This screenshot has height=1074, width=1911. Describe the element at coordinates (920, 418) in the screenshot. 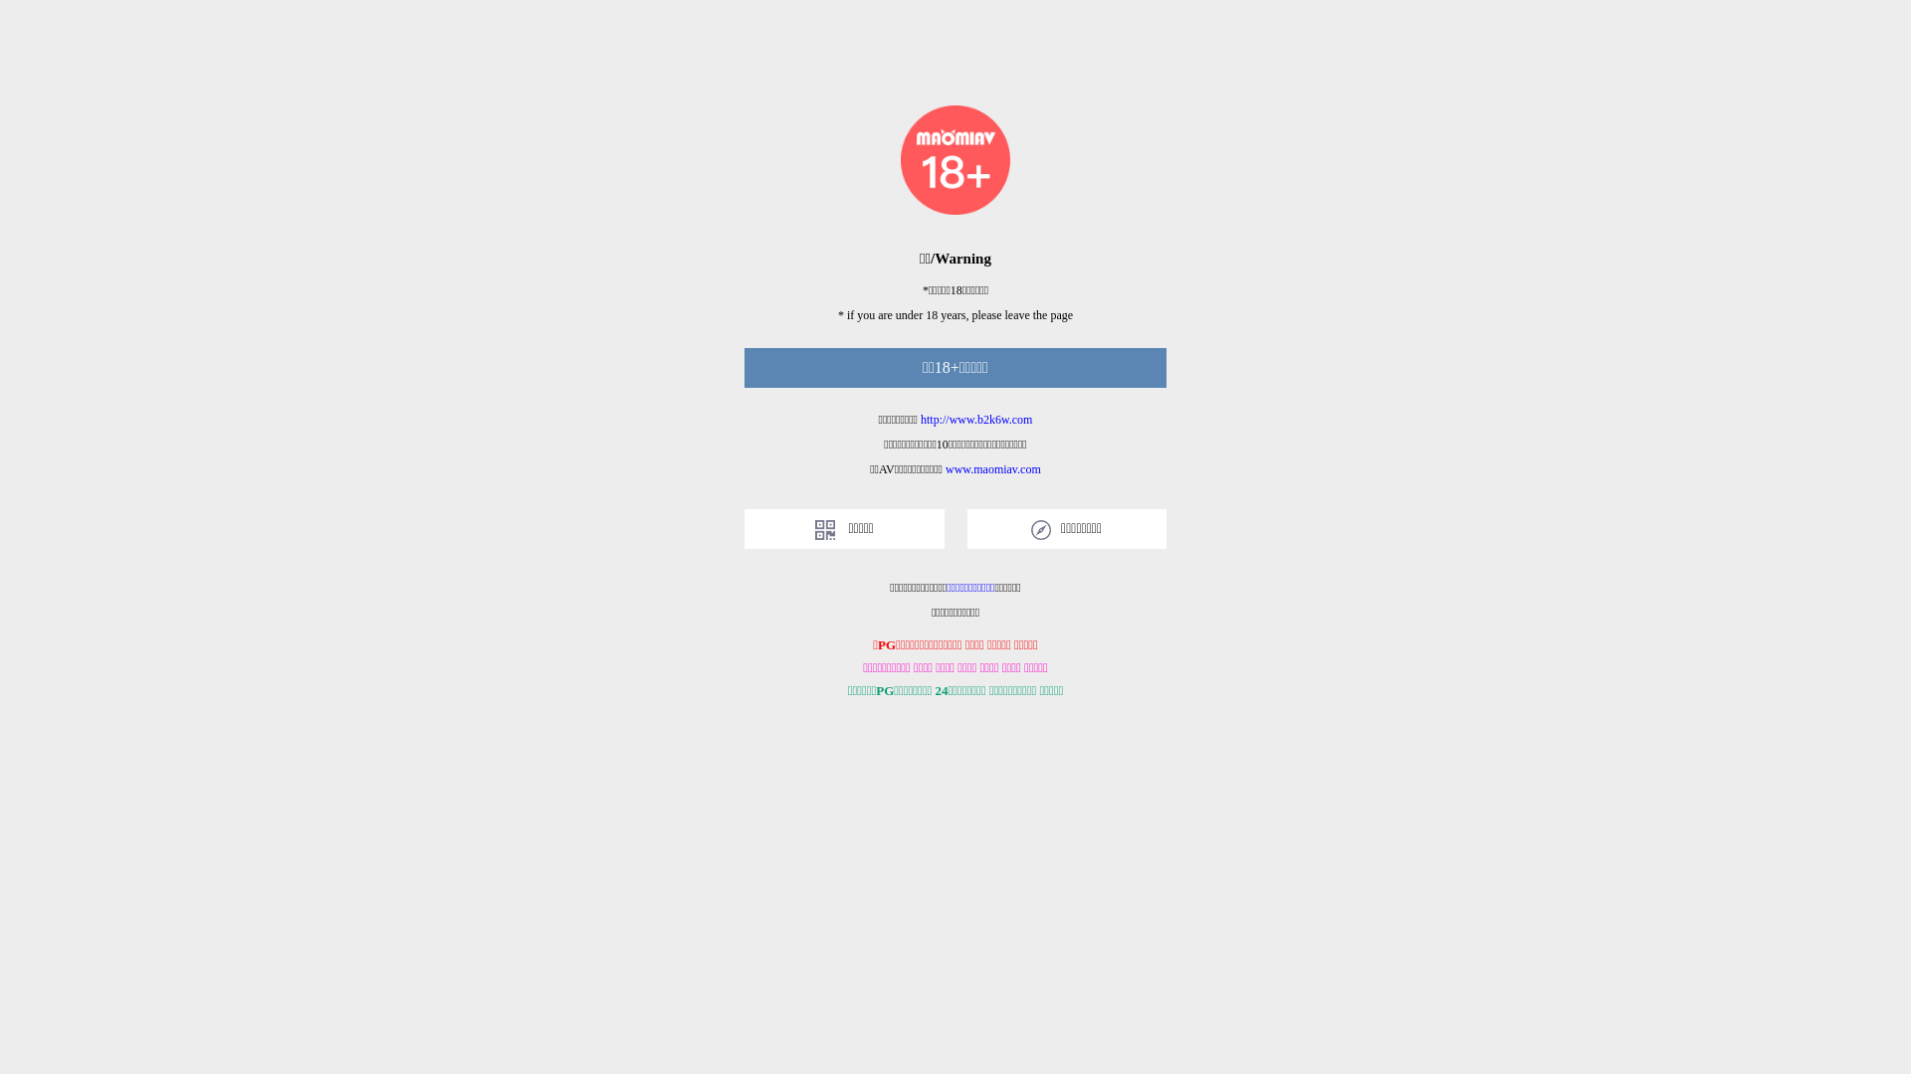

I see `'http://www.b2k6w.com'` at that location.